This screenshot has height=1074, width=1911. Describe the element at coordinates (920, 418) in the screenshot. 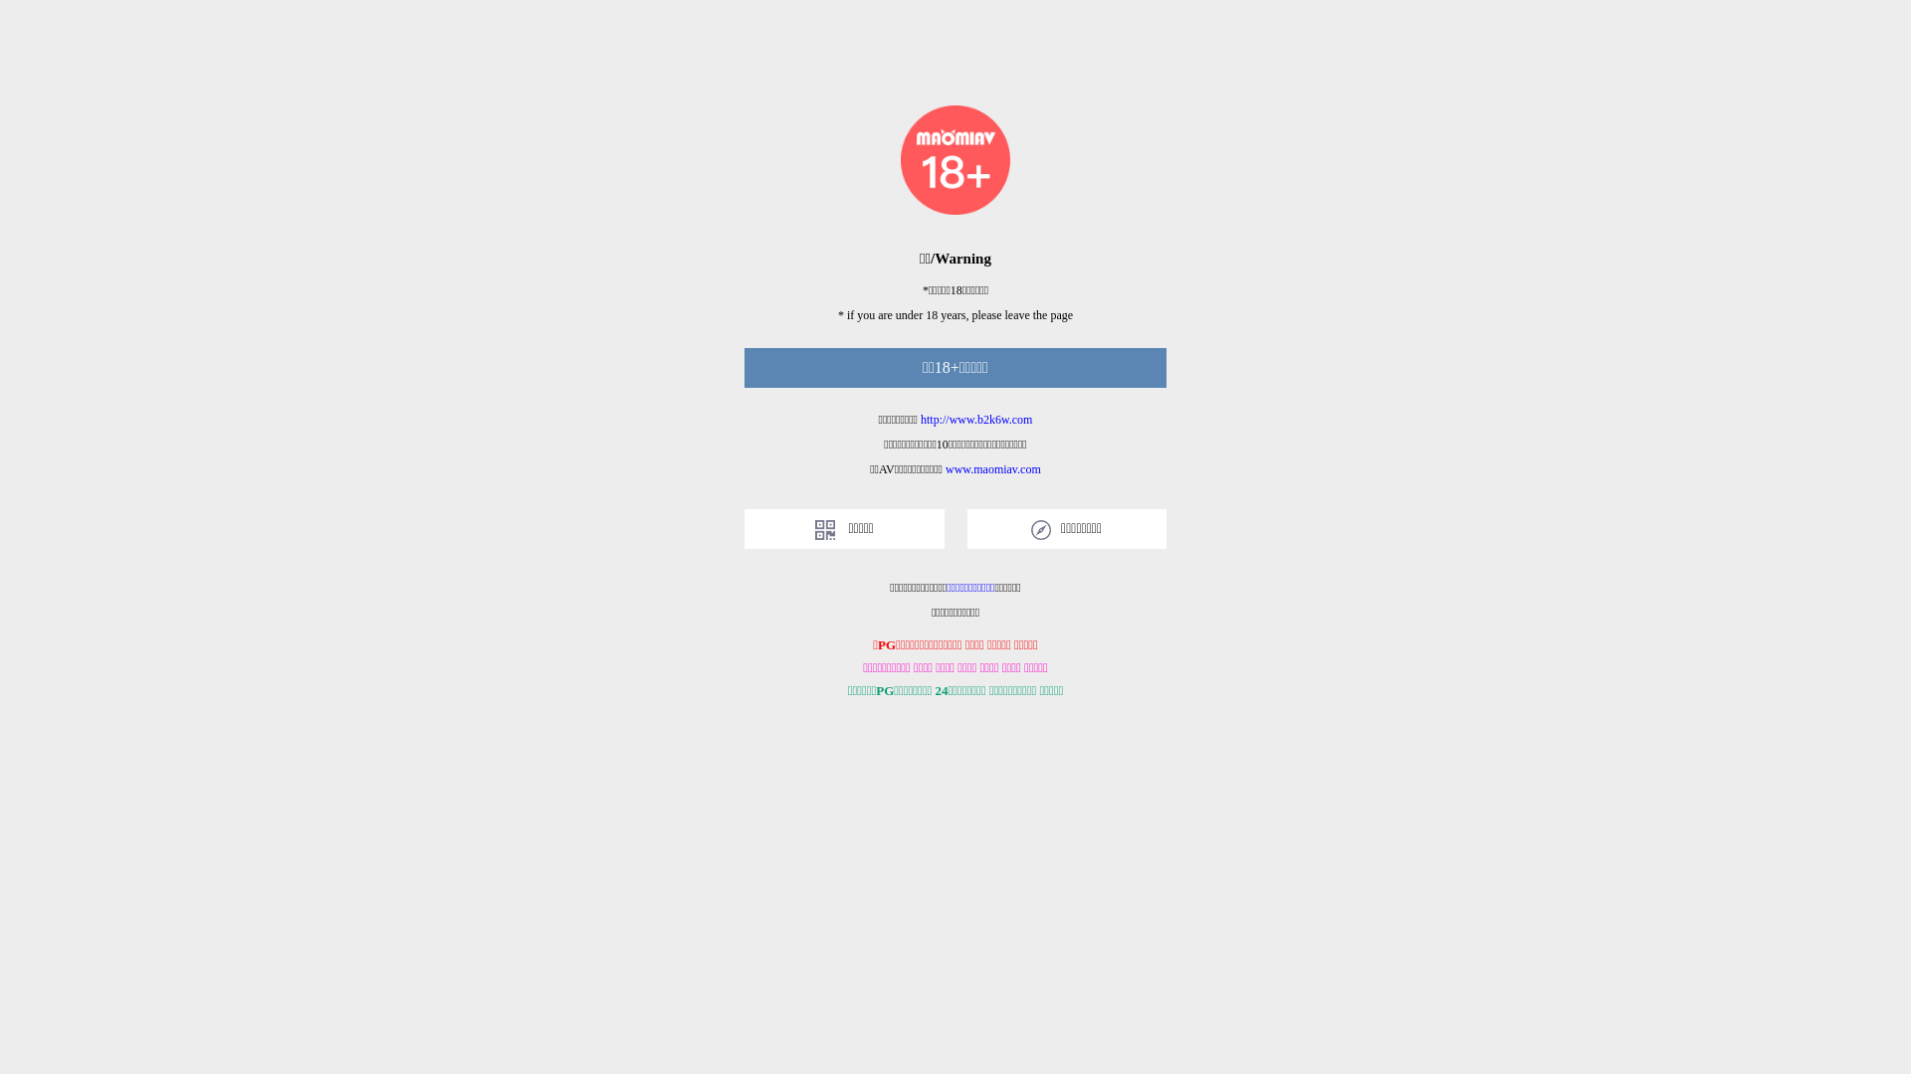

I see `'http://www.b2k6w.com'` at that location.